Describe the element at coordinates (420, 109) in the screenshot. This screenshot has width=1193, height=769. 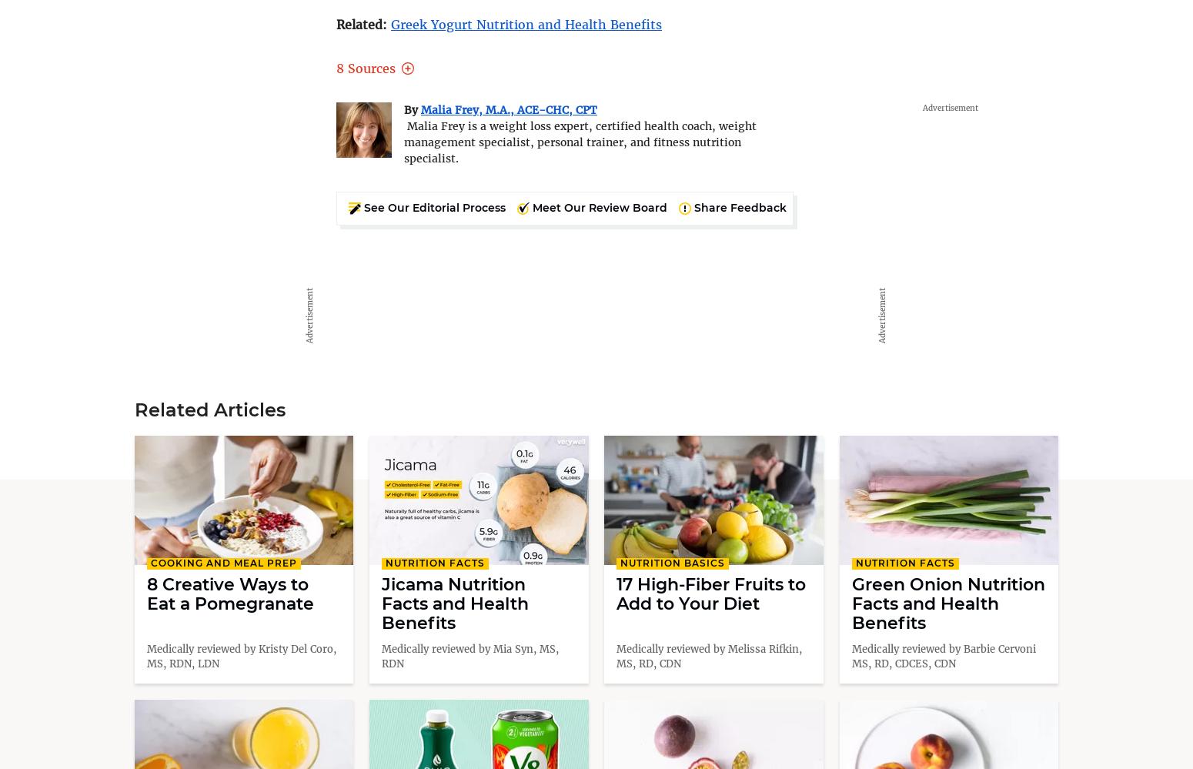
I see `'Malia Frey, M.A., ACE-CHC, CPT'` at that location.